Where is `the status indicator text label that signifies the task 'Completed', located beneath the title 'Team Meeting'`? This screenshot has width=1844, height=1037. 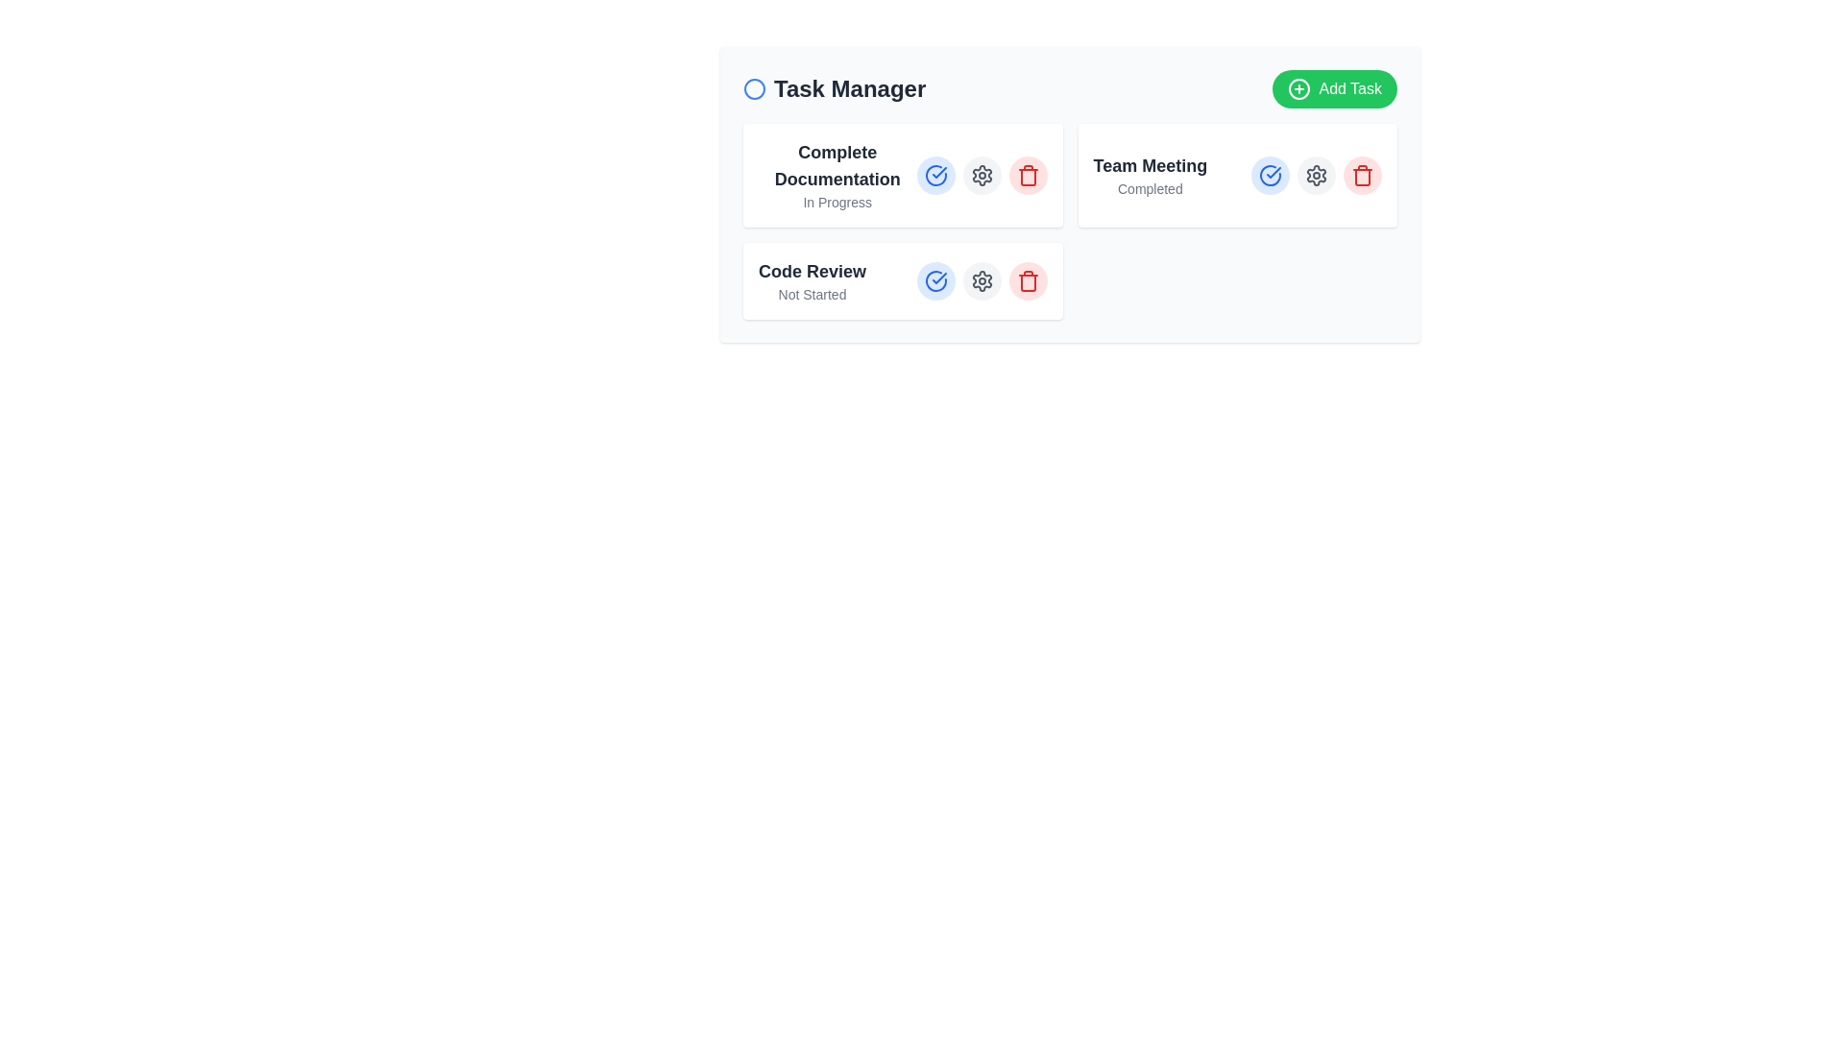 the status indicator text label that signifies the task 'Completed', located beneath the title 'Team Meeting' is located at coordinates (1150, 188).